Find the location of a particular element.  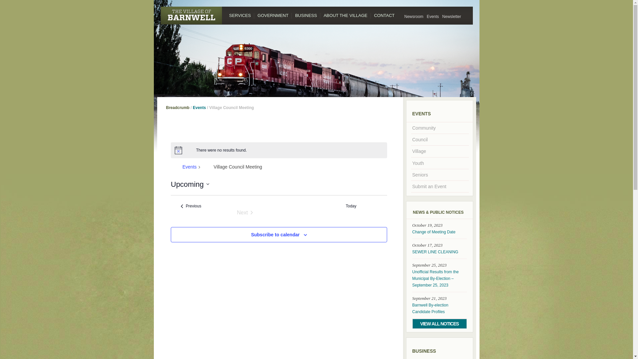

'BUSINESS' is located at coordinates (306, 15).